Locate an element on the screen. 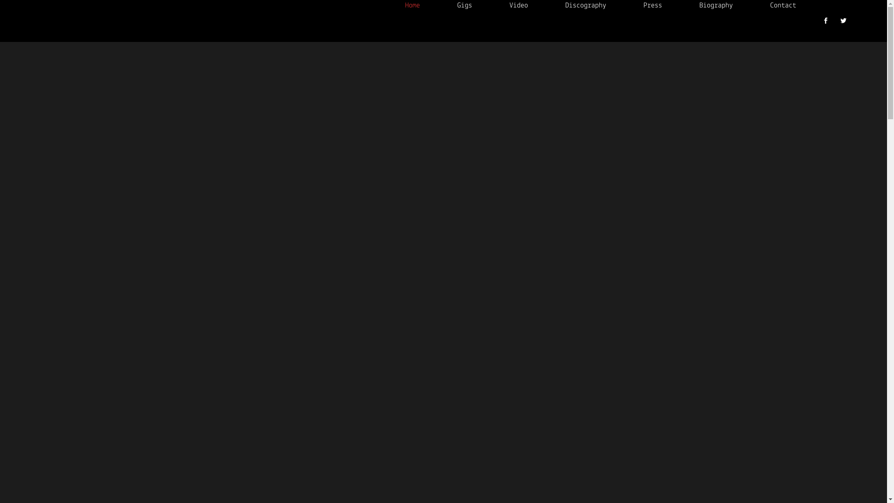  'Home' is located at coordinates (412, 5).